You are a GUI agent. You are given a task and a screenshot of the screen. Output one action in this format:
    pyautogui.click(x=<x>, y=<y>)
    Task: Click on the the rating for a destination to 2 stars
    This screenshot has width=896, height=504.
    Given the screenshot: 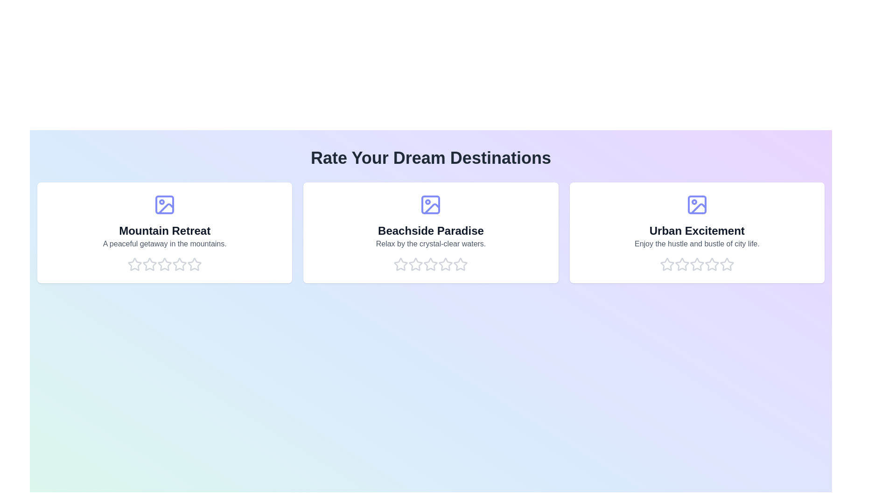 What is the action you would take?
    pyautogui.click(x=150, y=265)
    